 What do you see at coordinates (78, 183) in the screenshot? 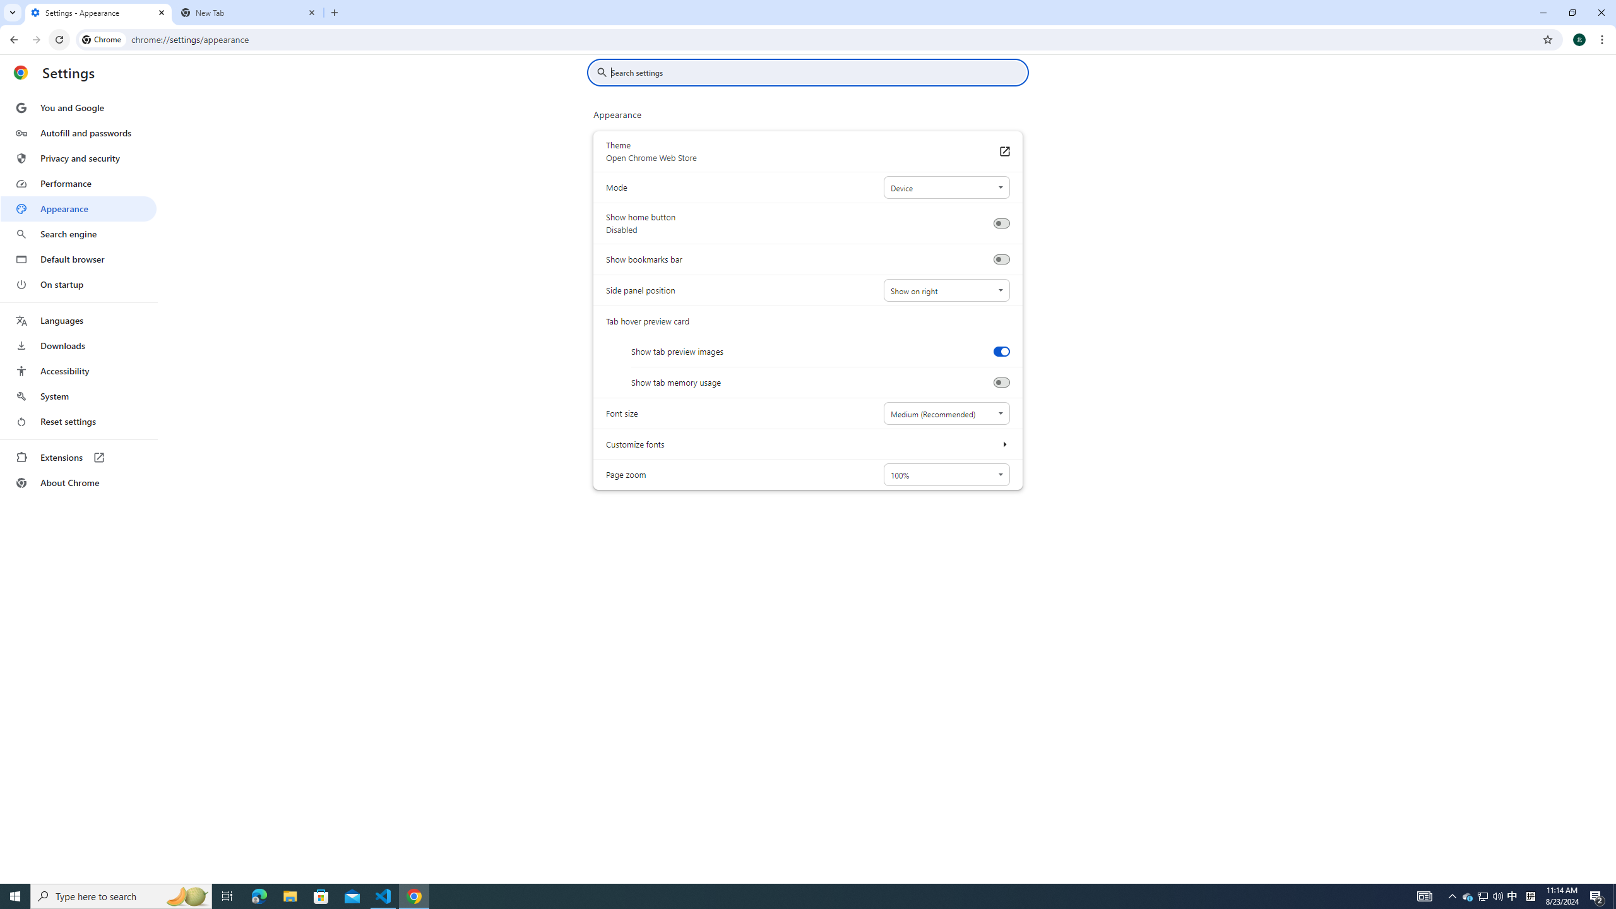
I see `'Performance'` at bounding box center [78, 183].